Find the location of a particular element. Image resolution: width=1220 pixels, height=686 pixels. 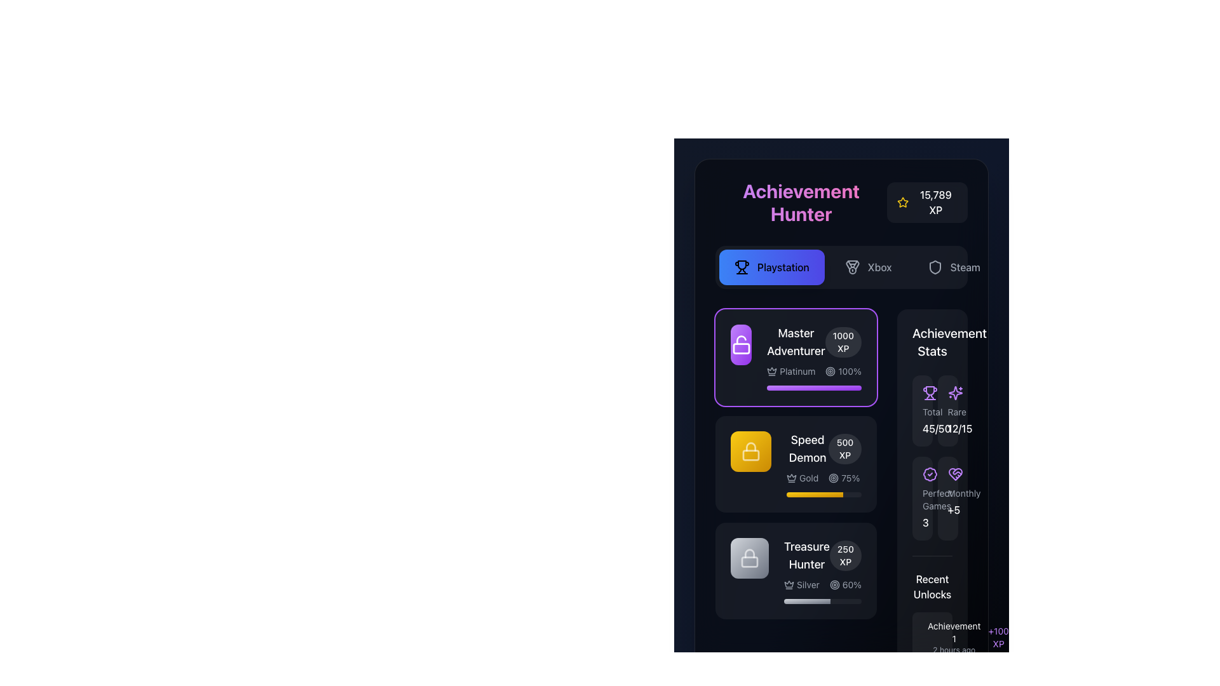

the static display label with a crown icon and the text 'Platinum' located within the 'Master Adventurer' card is located at coordinates (790, 372).